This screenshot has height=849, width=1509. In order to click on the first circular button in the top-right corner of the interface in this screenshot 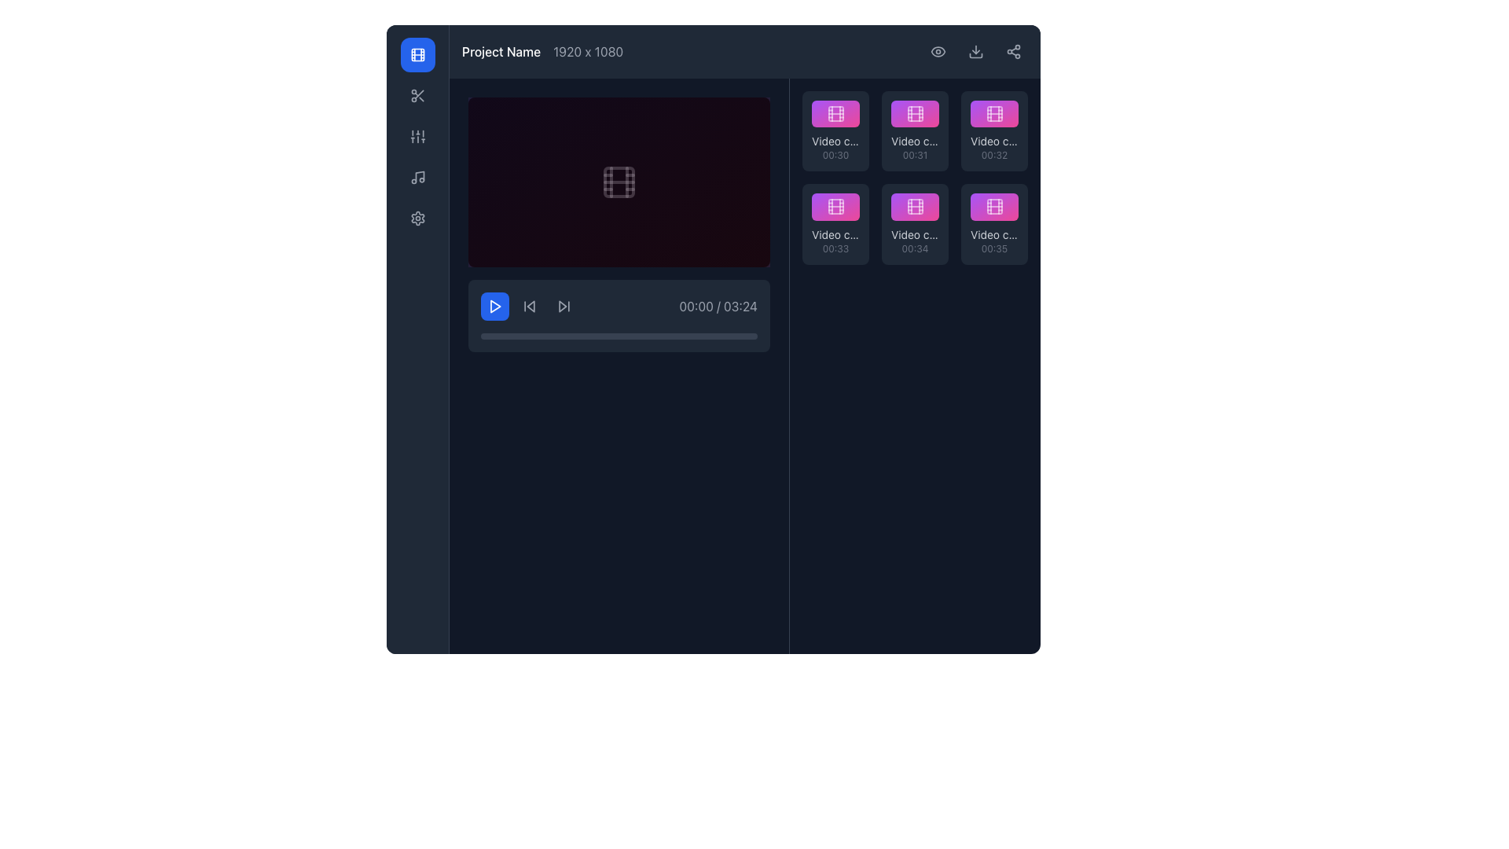, I will do `click(938, 50)`.